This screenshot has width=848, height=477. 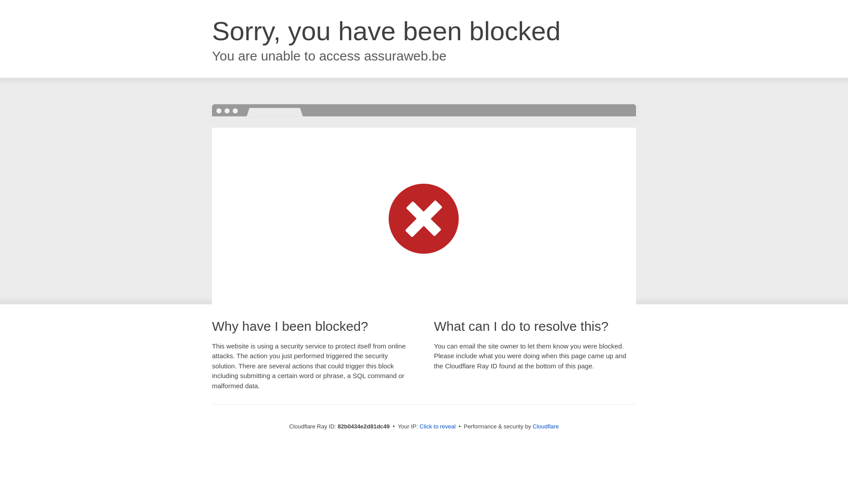 I want to click on 'Cloudflare', so click(x=545, y=426).